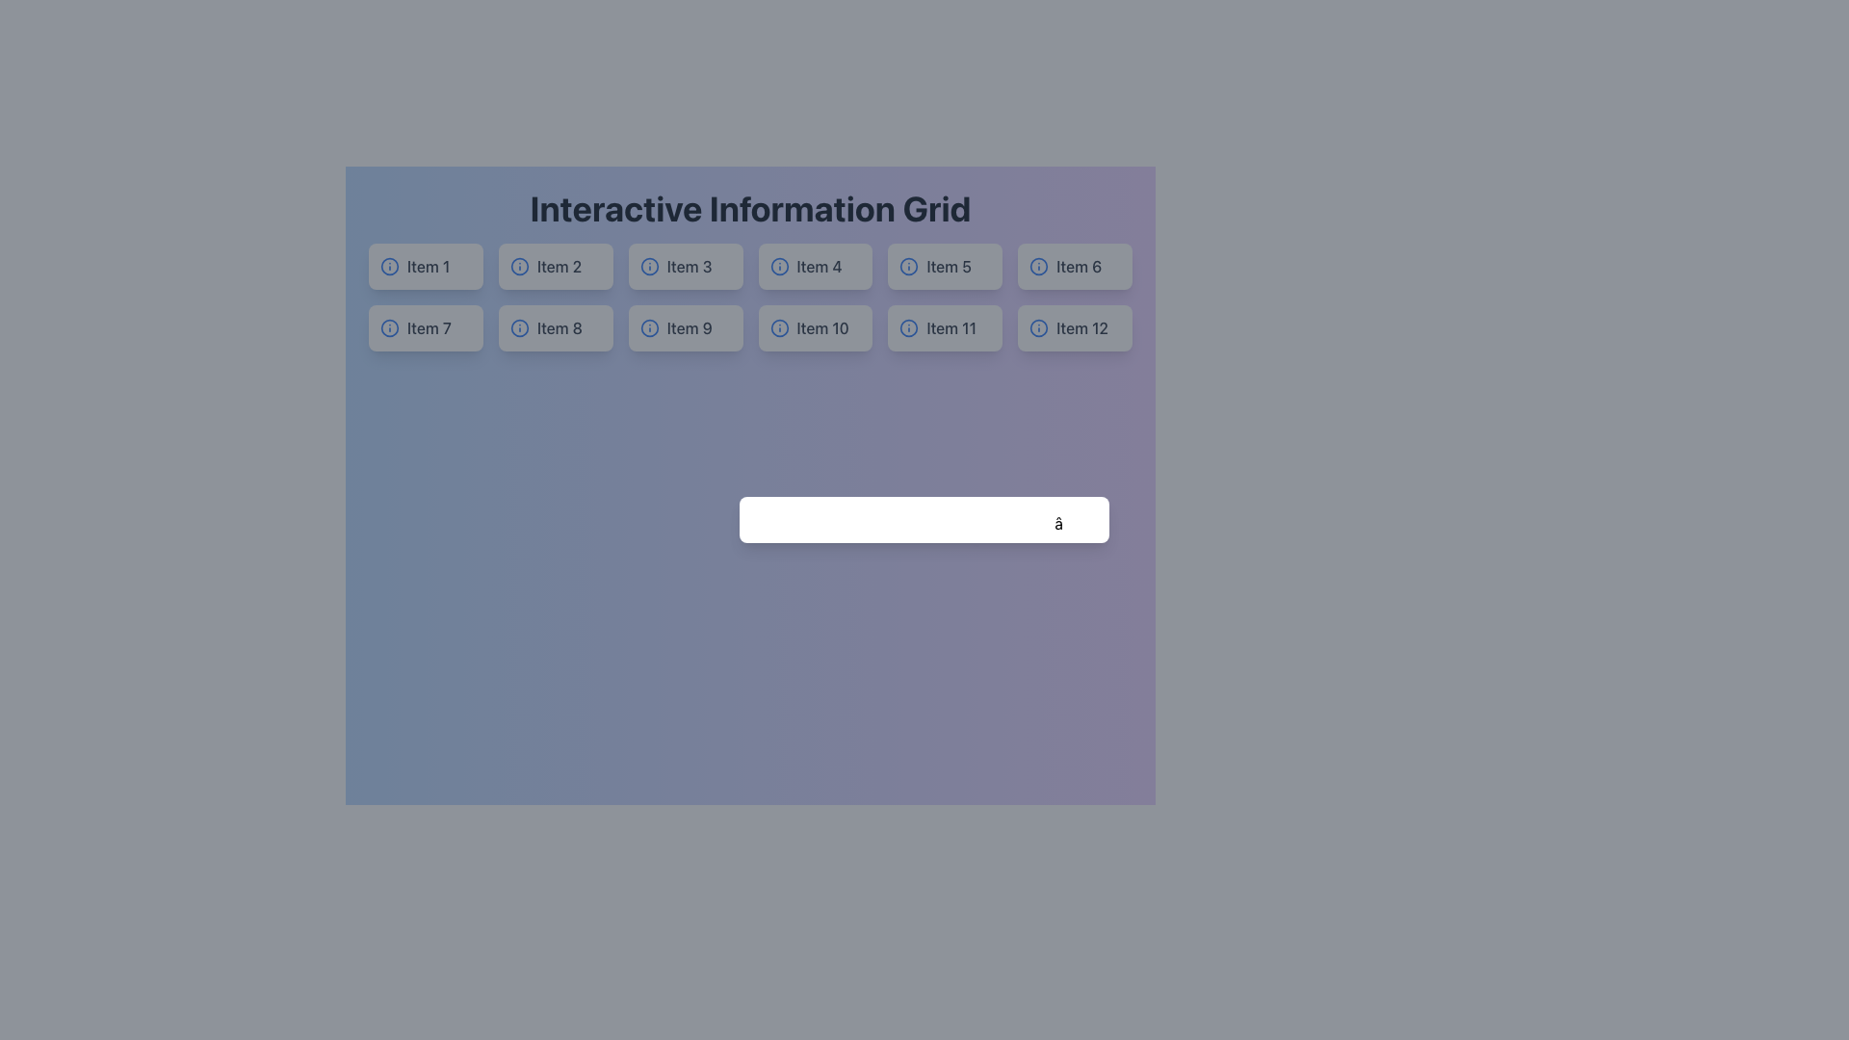 The height and width of the screenshot is (1040, 1849). What do you see at coordinates (949, 267) in the screenshot?
I see `the text label or button labeled 'Item 5', which is styled with a medium gray sans-serif font and is part of a rounded rectangular button, located in the upper-right sector of the application` at bounding box center [949, 267].